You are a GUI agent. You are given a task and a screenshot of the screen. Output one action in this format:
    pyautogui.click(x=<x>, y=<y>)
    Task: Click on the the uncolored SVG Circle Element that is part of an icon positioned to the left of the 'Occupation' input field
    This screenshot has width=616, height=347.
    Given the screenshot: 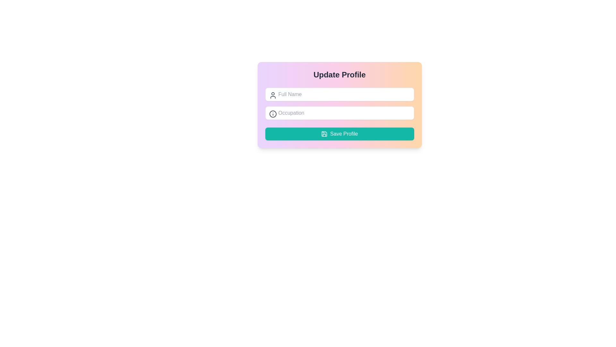 What is the action you would take?
    pyautogui.click(x=273, y=113)
    